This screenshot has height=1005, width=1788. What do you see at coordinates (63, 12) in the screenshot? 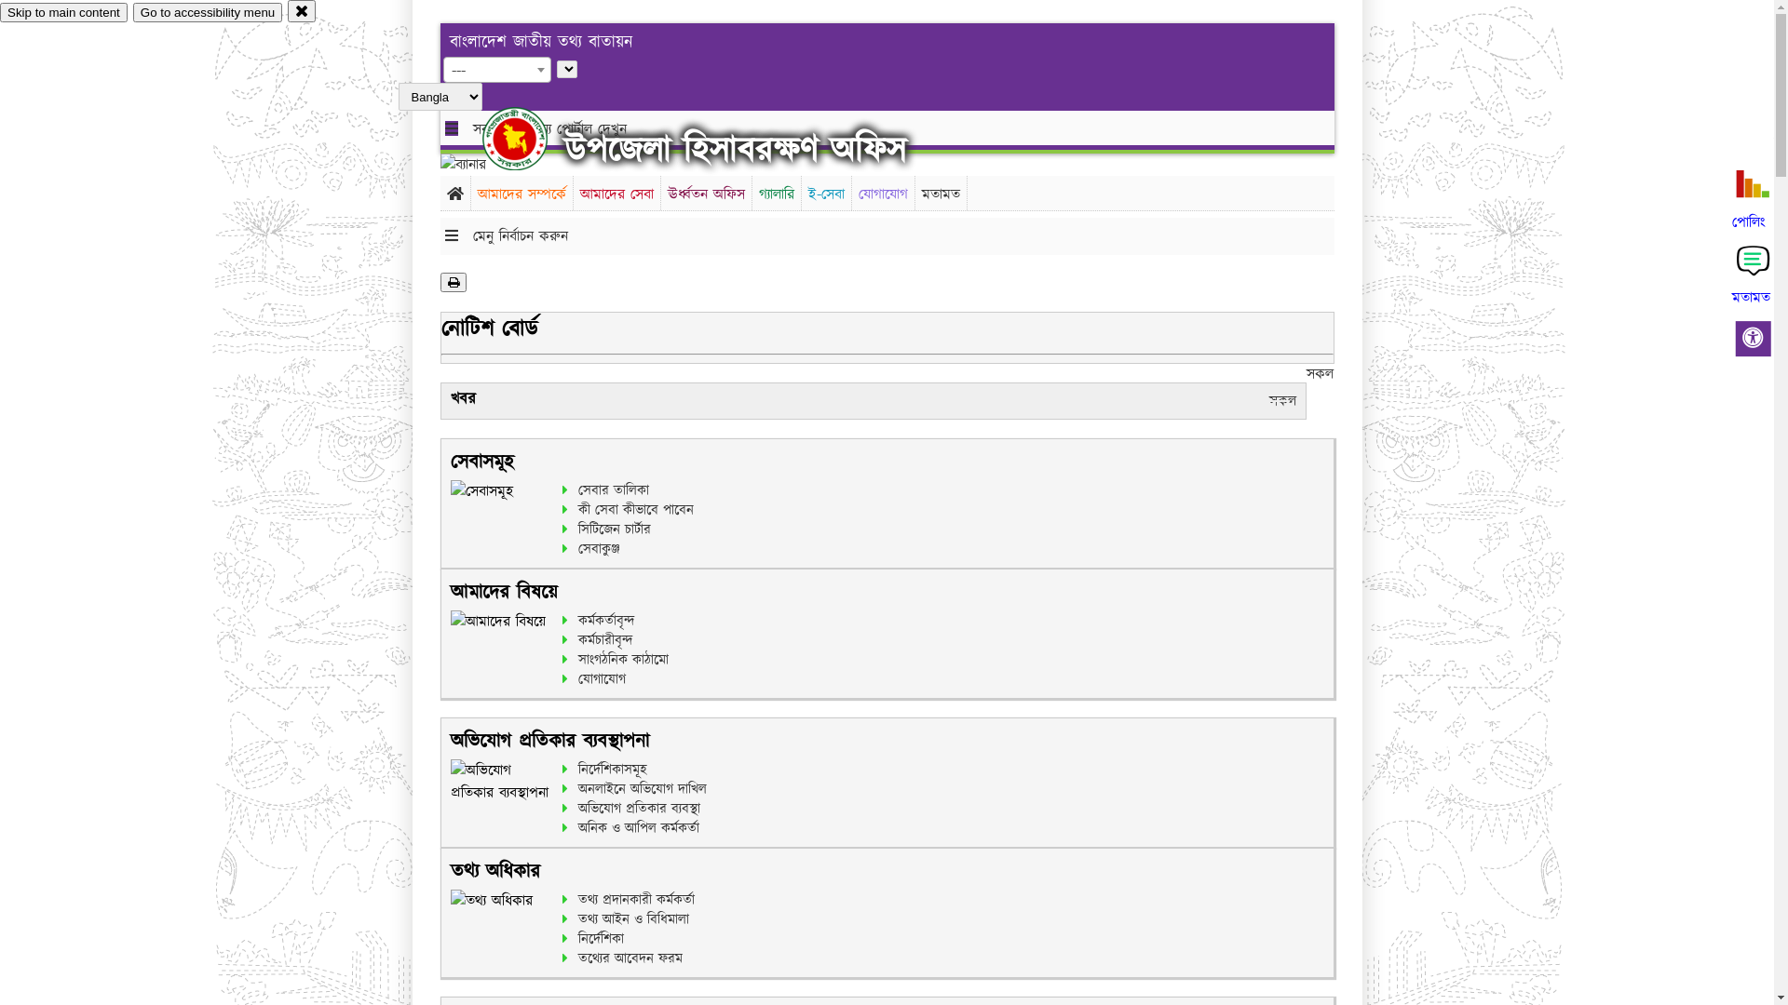
I see `'Skip to main content'` at bounding box center [63, 12].